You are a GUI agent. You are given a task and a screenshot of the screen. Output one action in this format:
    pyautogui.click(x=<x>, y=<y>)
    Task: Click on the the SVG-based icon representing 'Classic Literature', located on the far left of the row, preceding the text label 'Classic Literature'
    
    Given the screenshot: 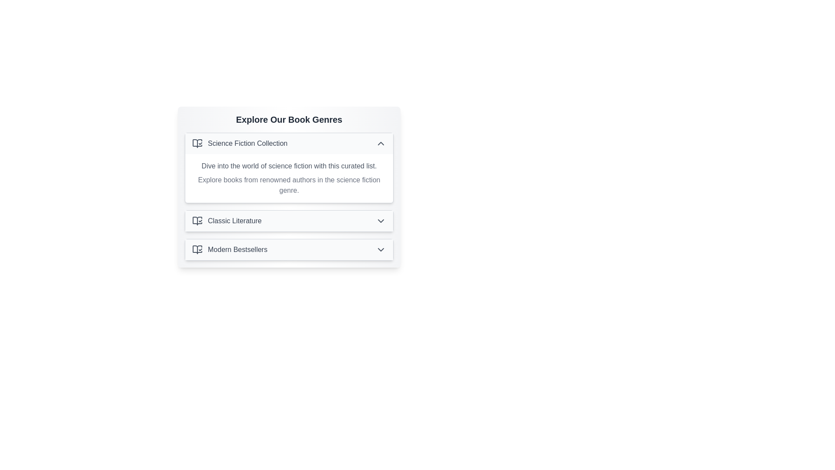 What is the action you would take?
    pyautogui.click(x=197, y=221)
    